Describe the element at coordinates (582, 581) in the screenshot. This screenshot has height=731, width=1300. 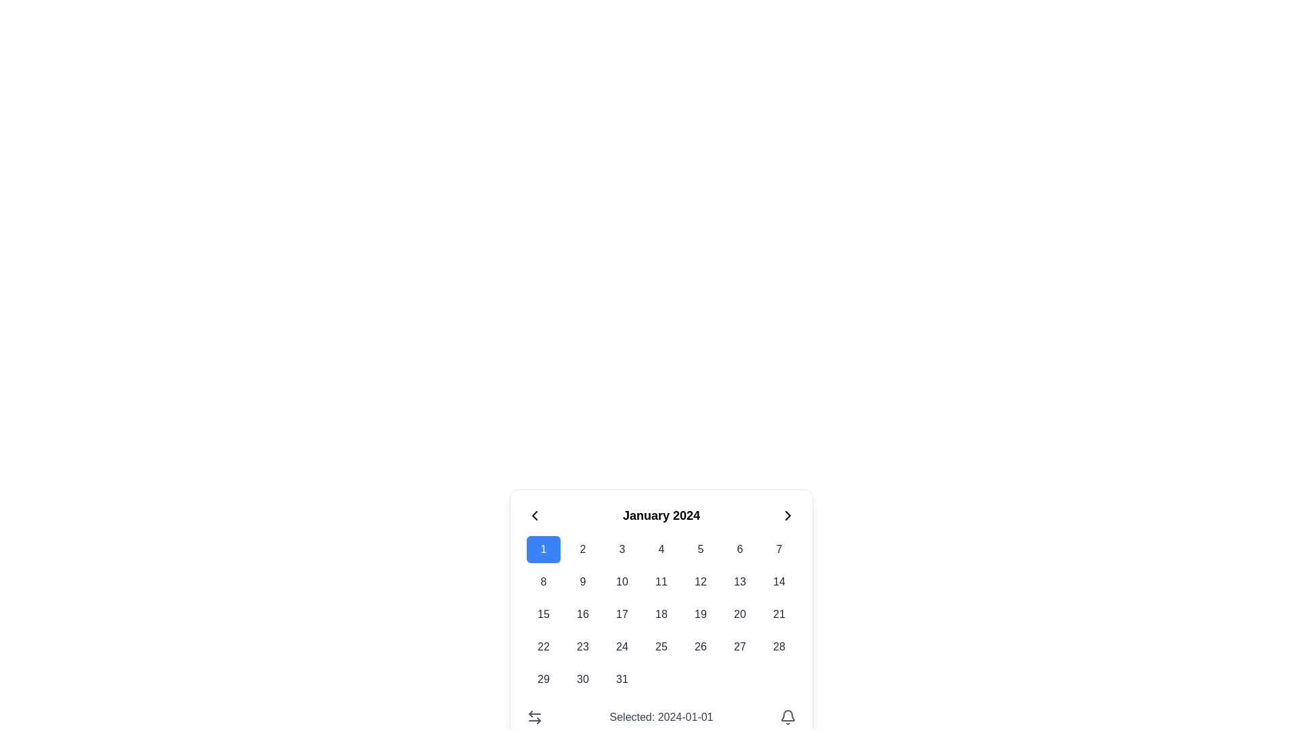
I see `the text button displaying the numeral '9' in the grid layout` at that location.